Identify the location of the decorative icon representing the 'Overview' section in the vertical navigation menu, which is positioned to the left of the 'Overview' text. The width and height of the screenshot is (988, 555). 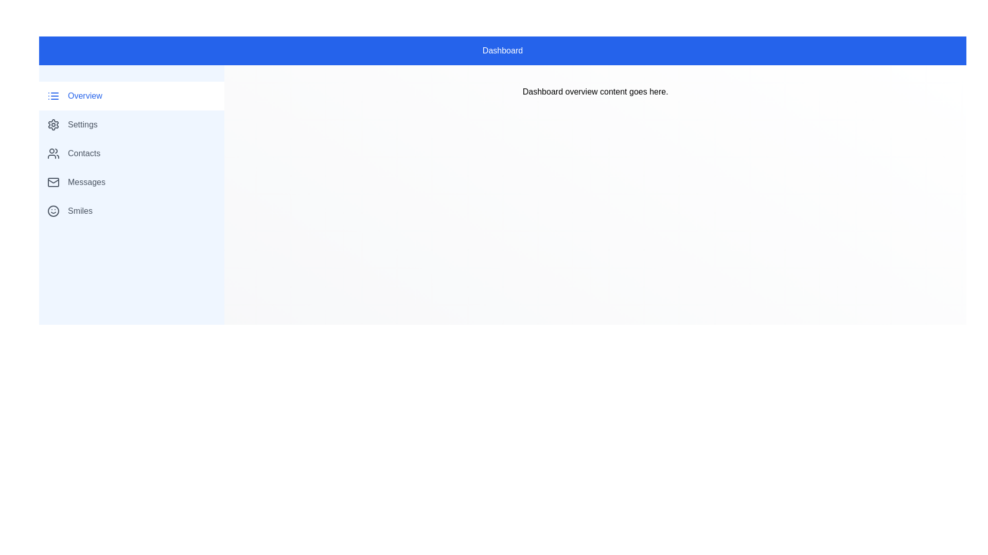
(53, 96).